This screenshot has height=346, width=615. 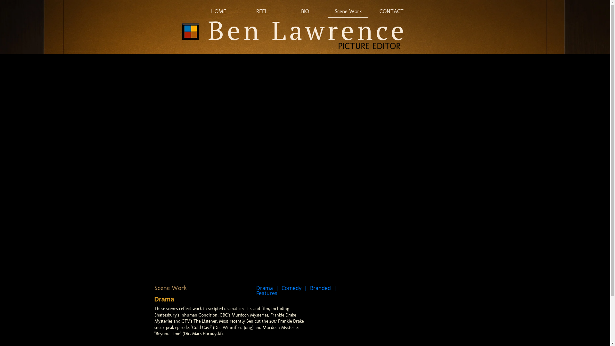 I want to click on 'Scene Work', so click(x=348, y=12).